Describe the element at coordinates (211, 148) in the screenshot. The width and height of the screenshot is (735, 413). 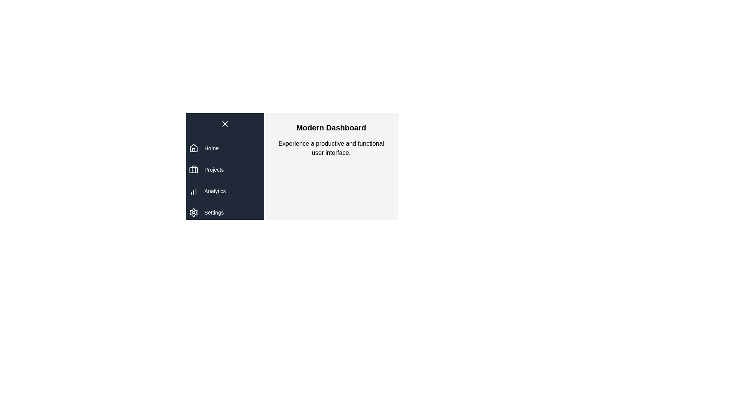
I see `the navigation item Home to navigate to the corresponding section` at that location.